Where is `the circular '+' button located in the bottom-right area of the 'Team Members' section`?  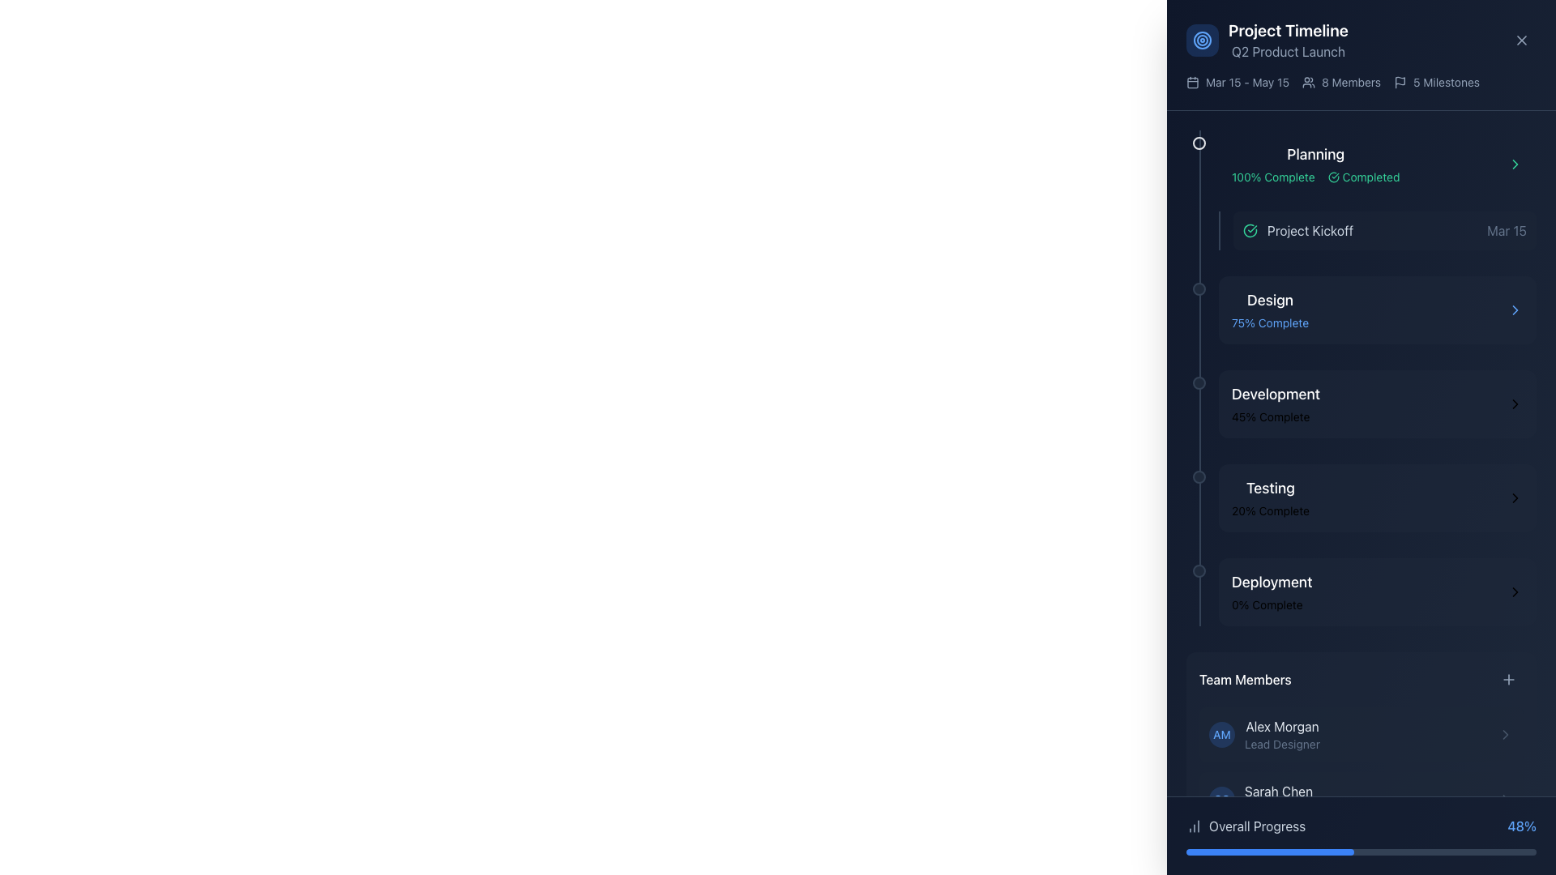 the circular '+' button located in the bottom-right area of the 'Team Members' section is located at coordinates (1508, 680).